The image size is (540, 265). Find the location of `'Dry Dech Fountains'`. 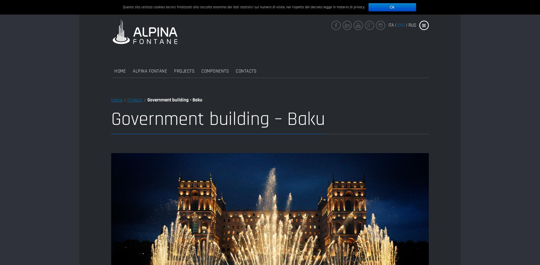

'Dry Dech Fountains' is located at coordinates (255, 85).